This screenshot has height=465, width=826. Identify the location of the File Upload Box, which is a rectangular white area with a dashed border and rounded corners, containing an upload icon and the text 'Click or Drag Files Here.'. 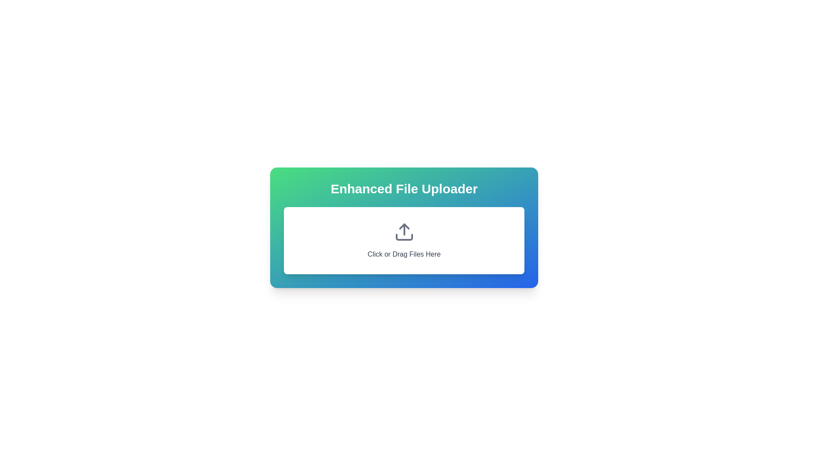
(404, 241).